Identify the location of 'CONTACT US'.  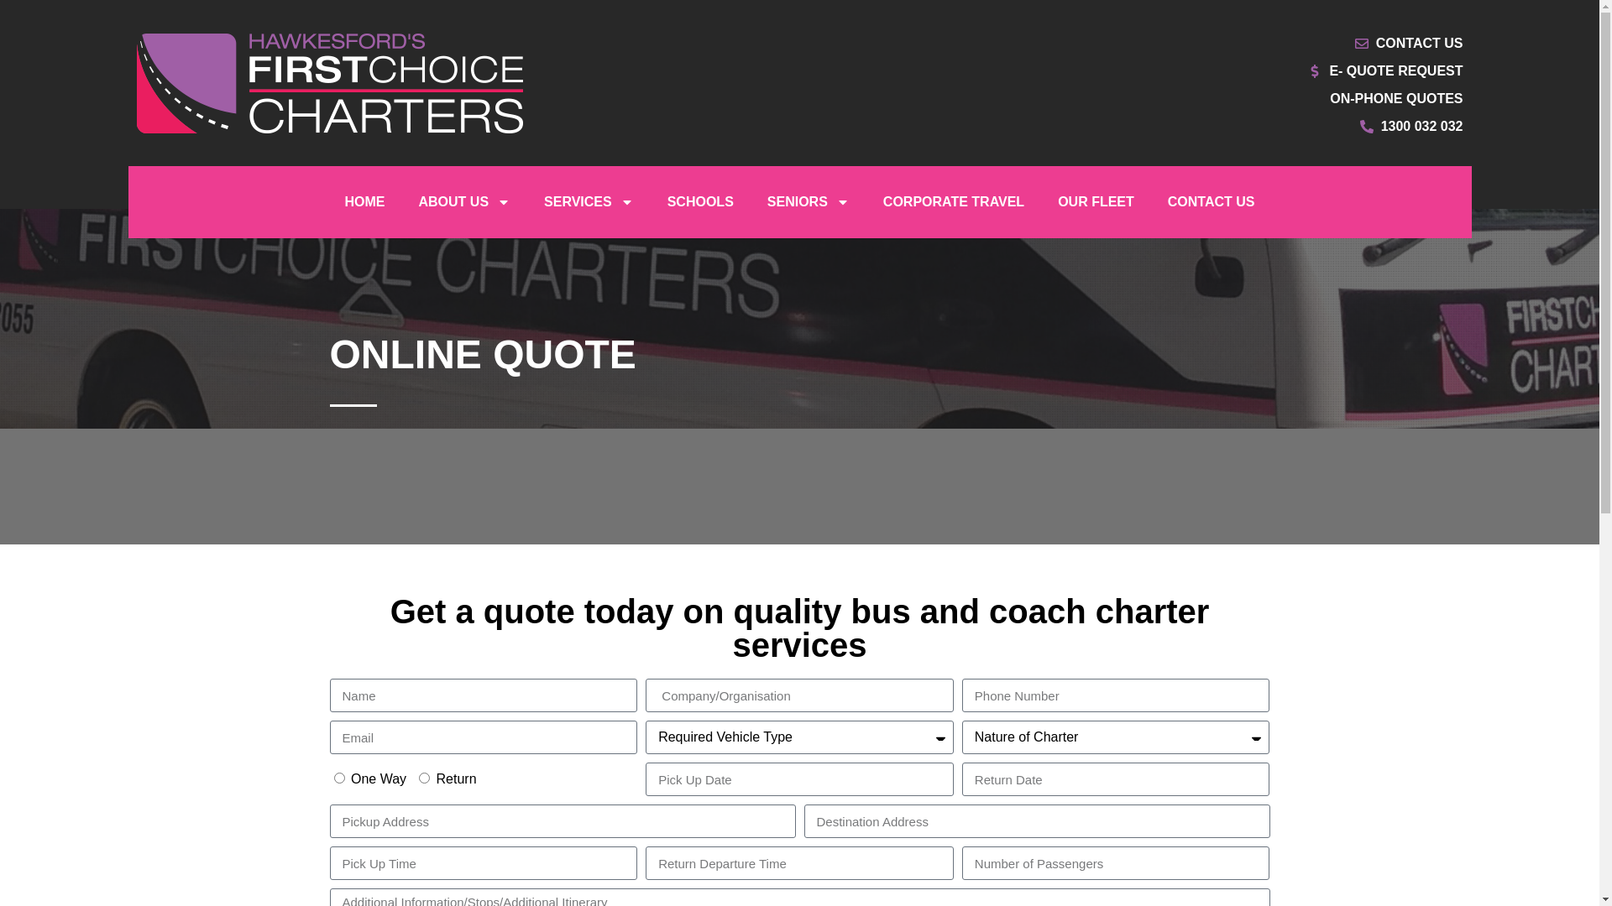
(1212, 200).